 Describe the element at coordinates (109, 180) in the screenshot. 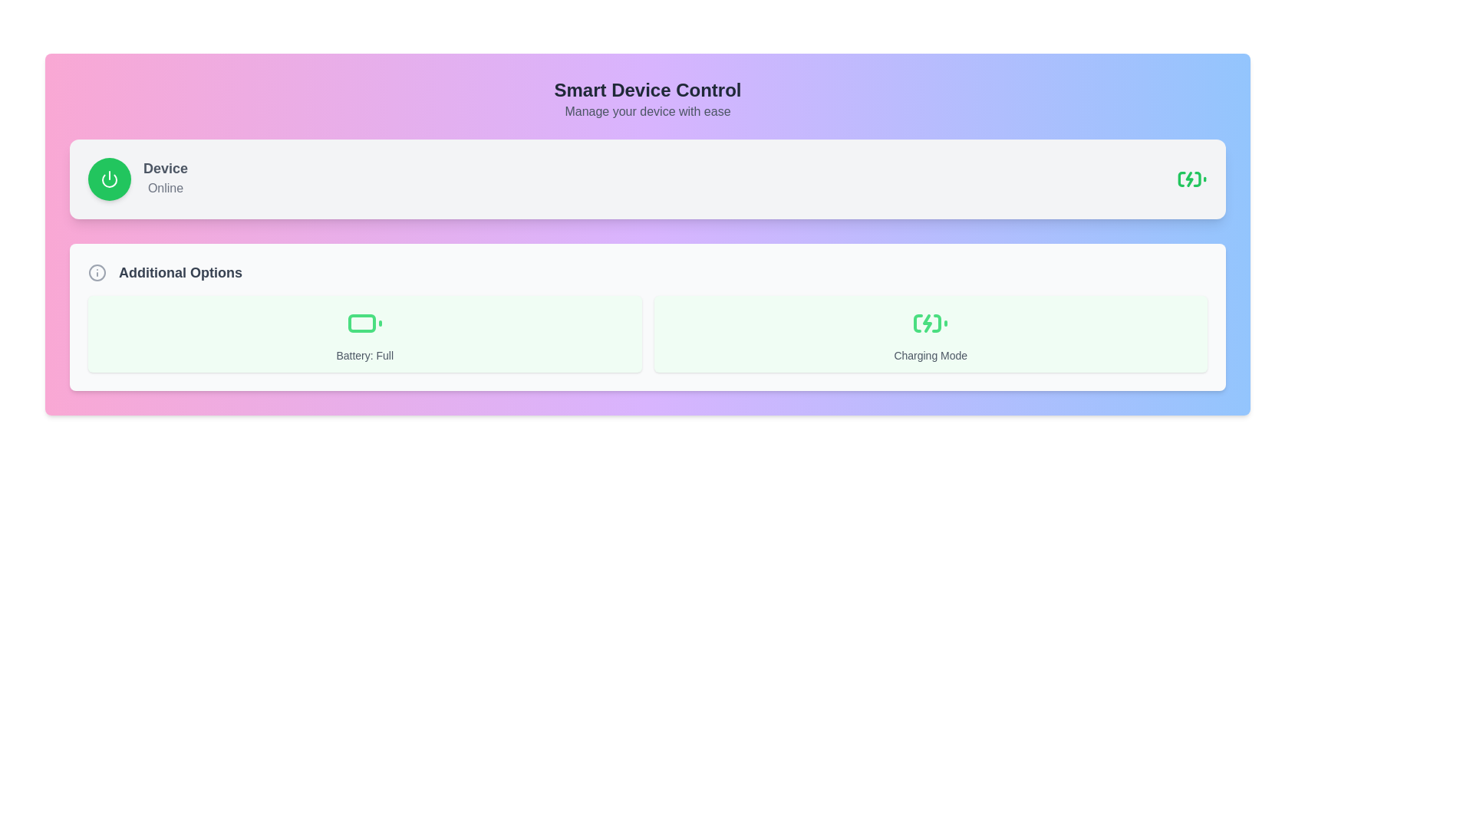

I see `SVG element representing the semi-circular arc shape of the icon with a green stroke color, located within the circular icon on the left side of the 'Device' rectangle, by hovering over its center` at that location.